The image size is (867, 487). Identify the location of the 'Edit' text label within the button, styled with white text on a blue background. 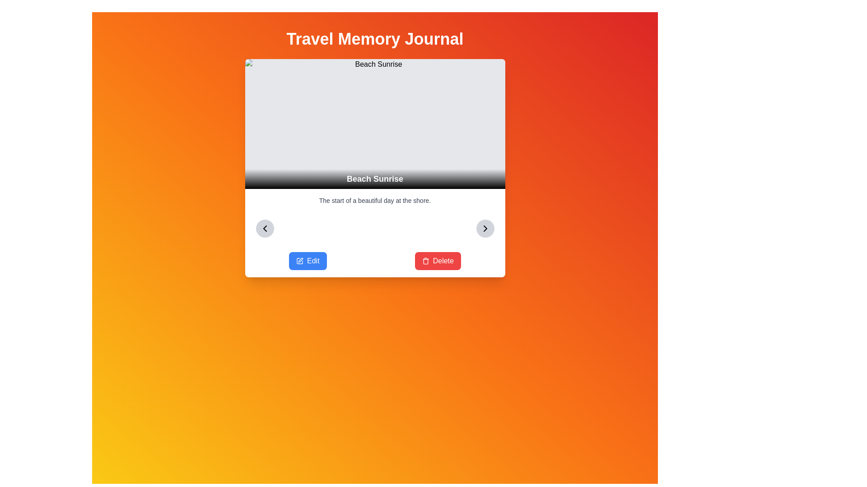
(313, 261).